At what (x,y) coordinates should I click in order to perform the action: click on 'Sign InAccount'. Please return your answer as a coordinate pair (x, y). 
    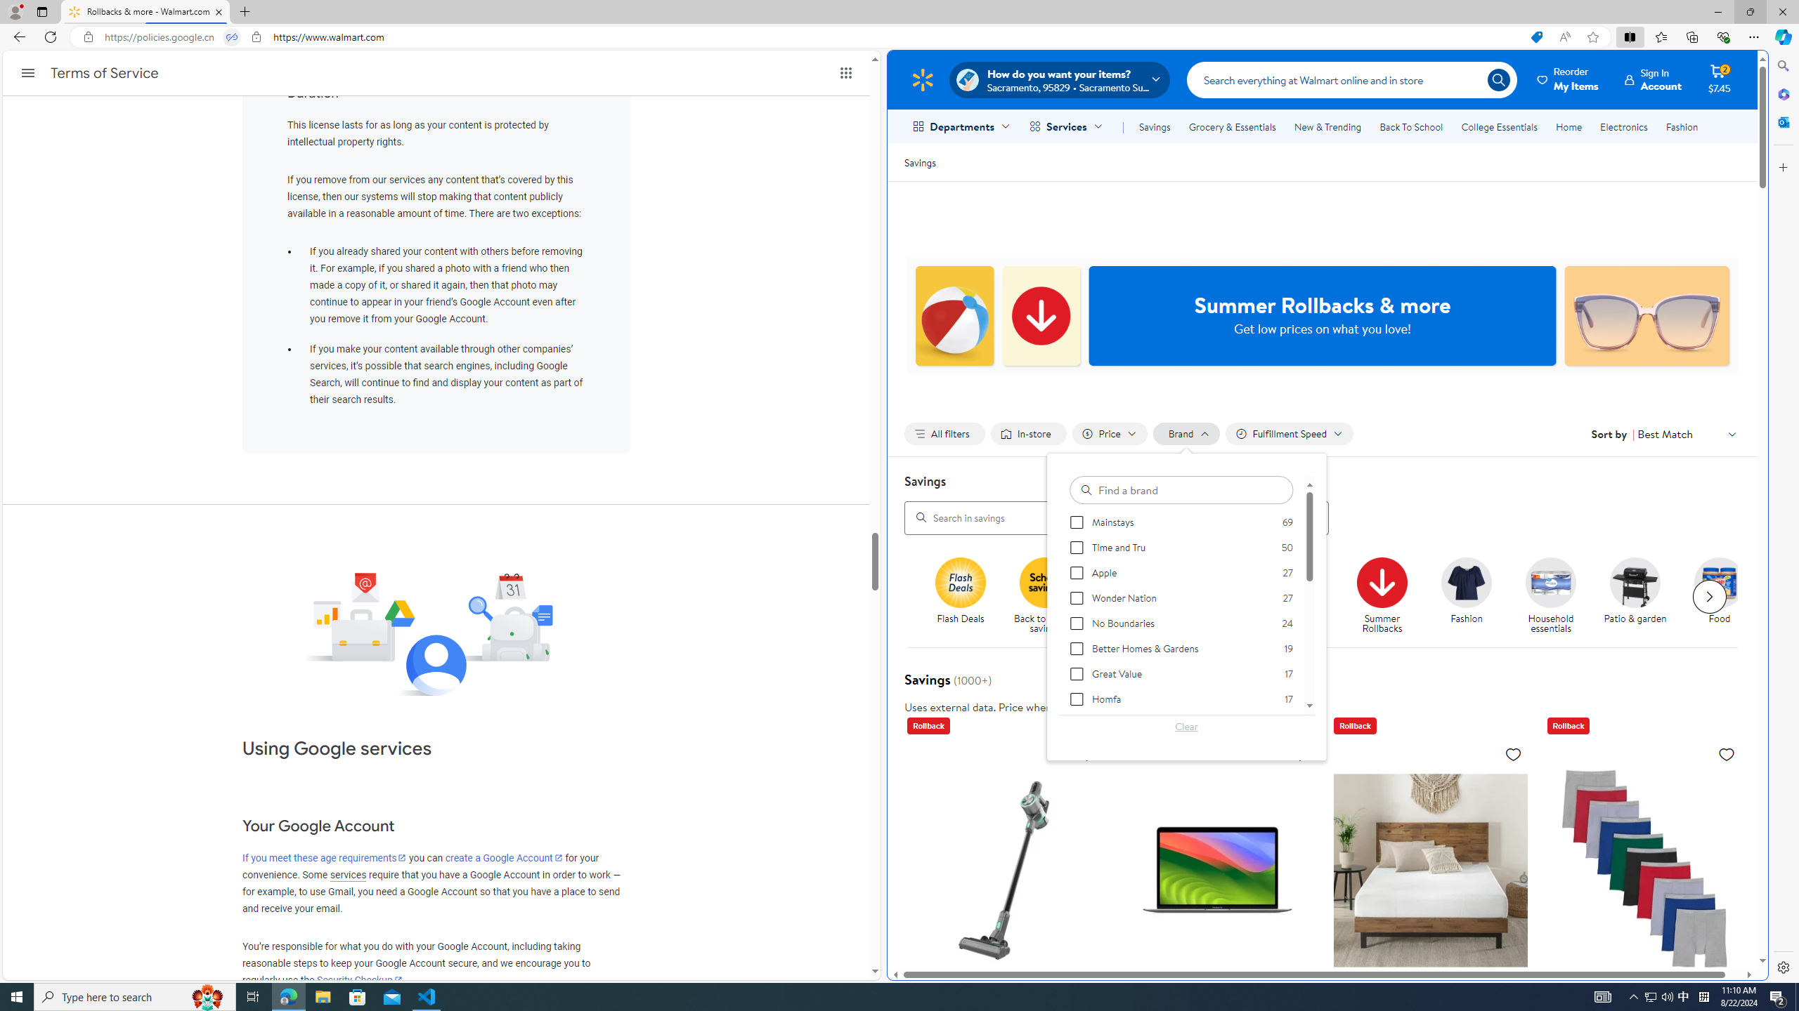
    Looking at the image, I should click on (1653, 79).